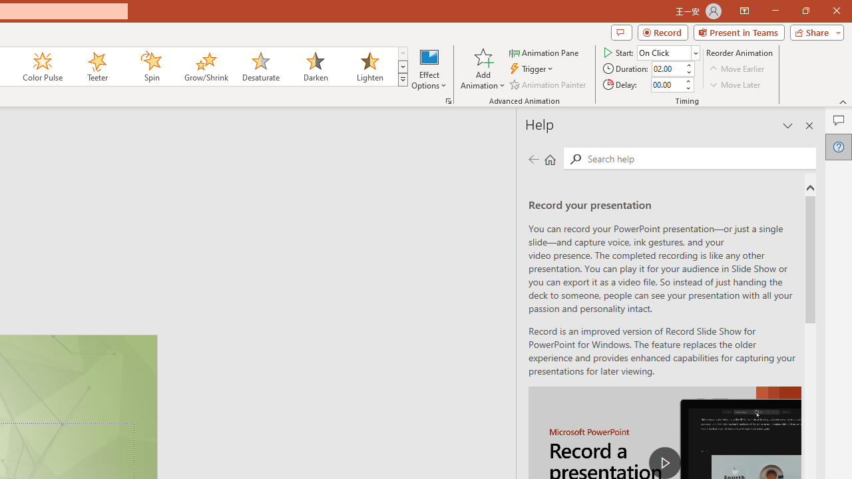 The width and height of the screenshot is (852, 479). Describe the element at coordinates (151, 67) in the screenshot. I see `'Spin'` at that location.